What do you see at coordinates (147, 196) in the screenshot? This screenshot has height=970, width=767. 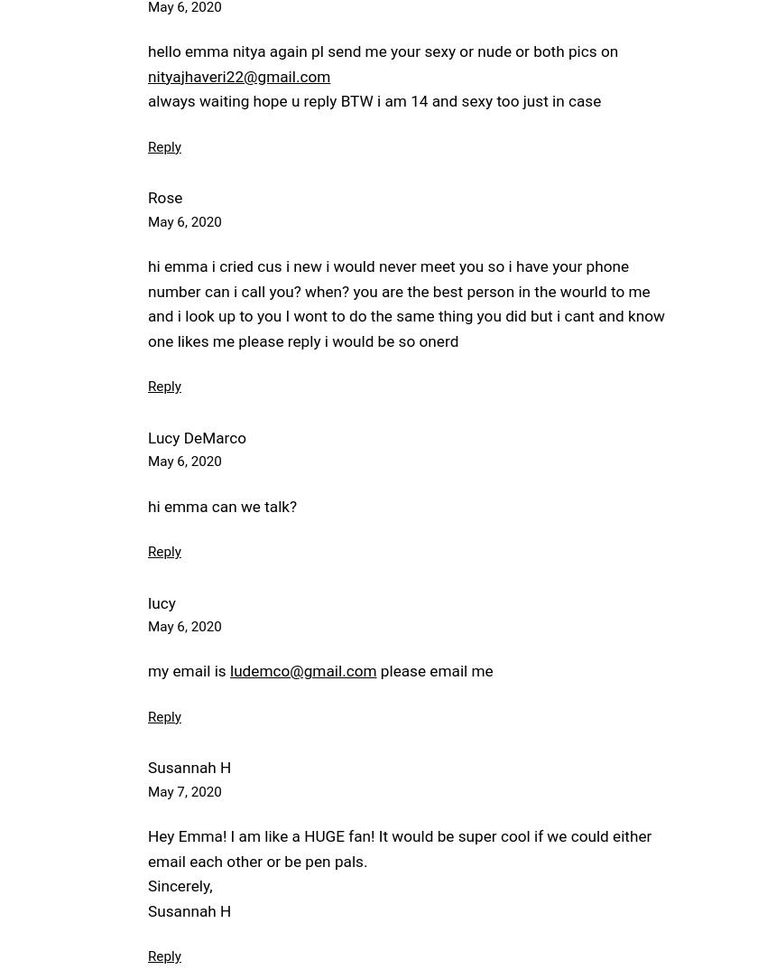 I see `'Rose'` at bounding box center [147, 196].